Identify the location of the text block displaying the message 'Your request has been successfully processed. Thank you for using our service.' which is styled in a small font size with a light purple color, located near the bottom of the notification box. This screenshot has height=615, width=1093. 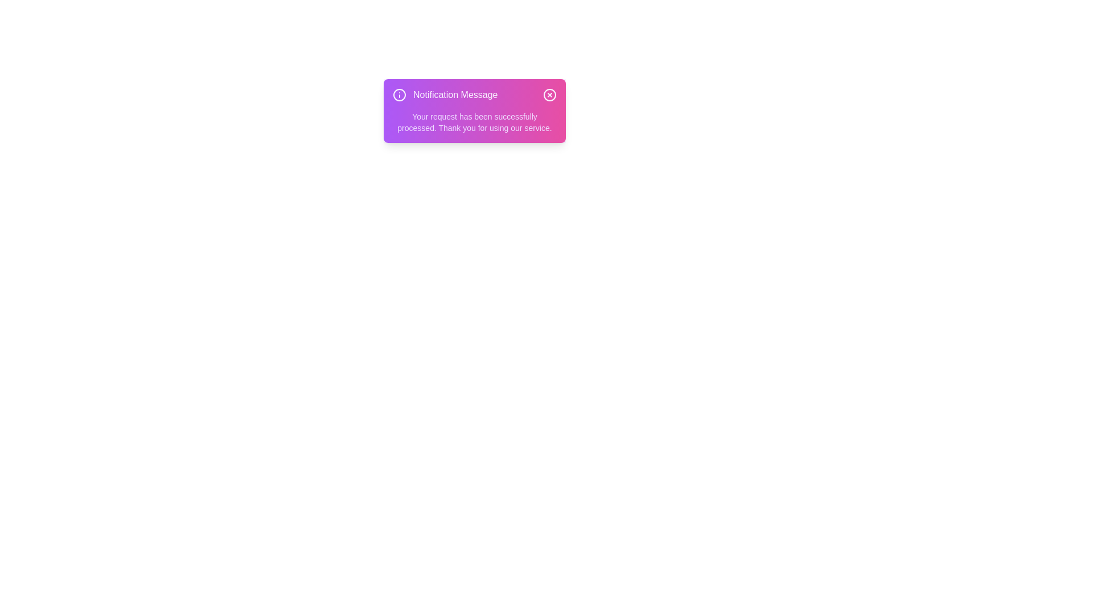
(475, 122).